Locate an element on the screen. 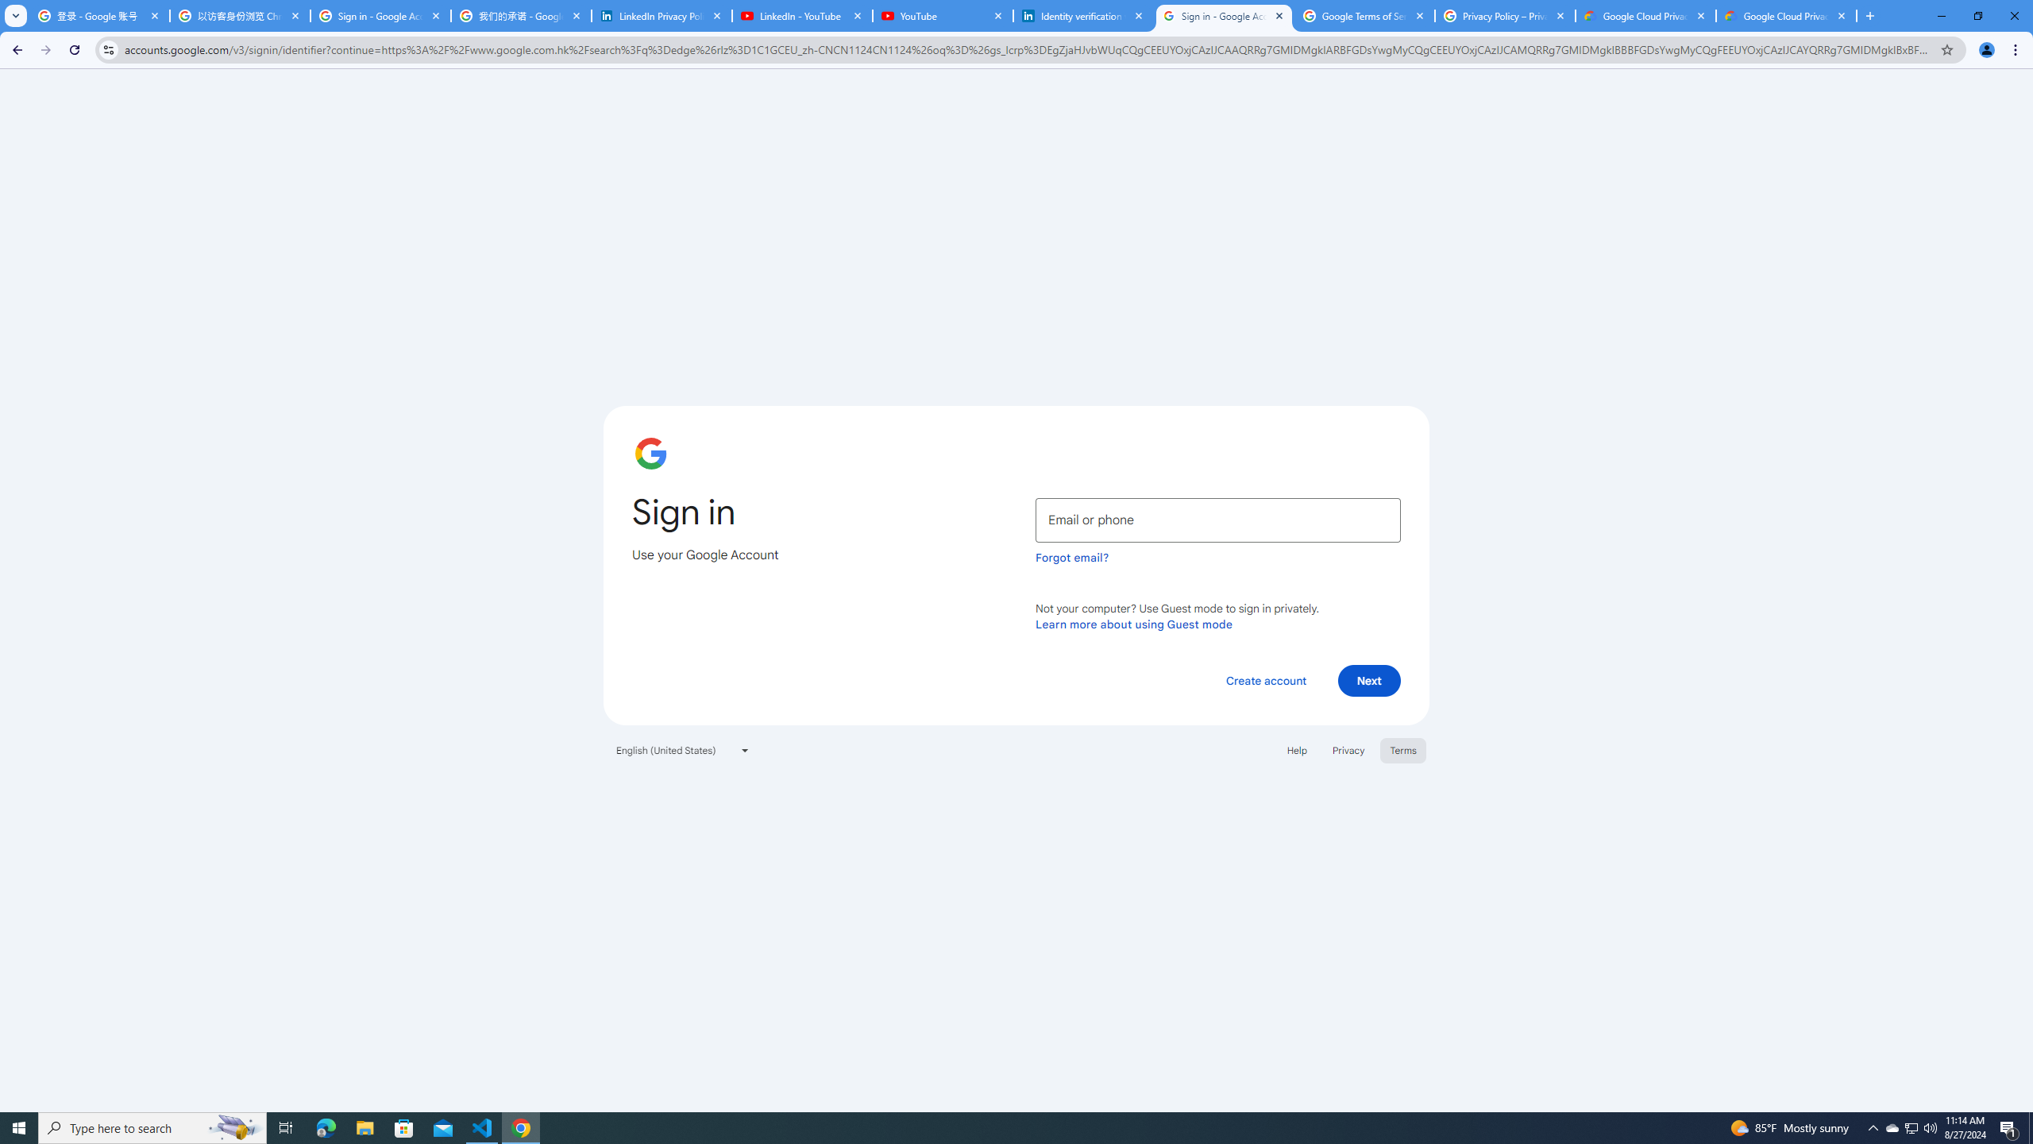 The width and height of the screenshot is (2033, 1144). 'LinkedIn - YouTube' is located at coordinates (802, 15).